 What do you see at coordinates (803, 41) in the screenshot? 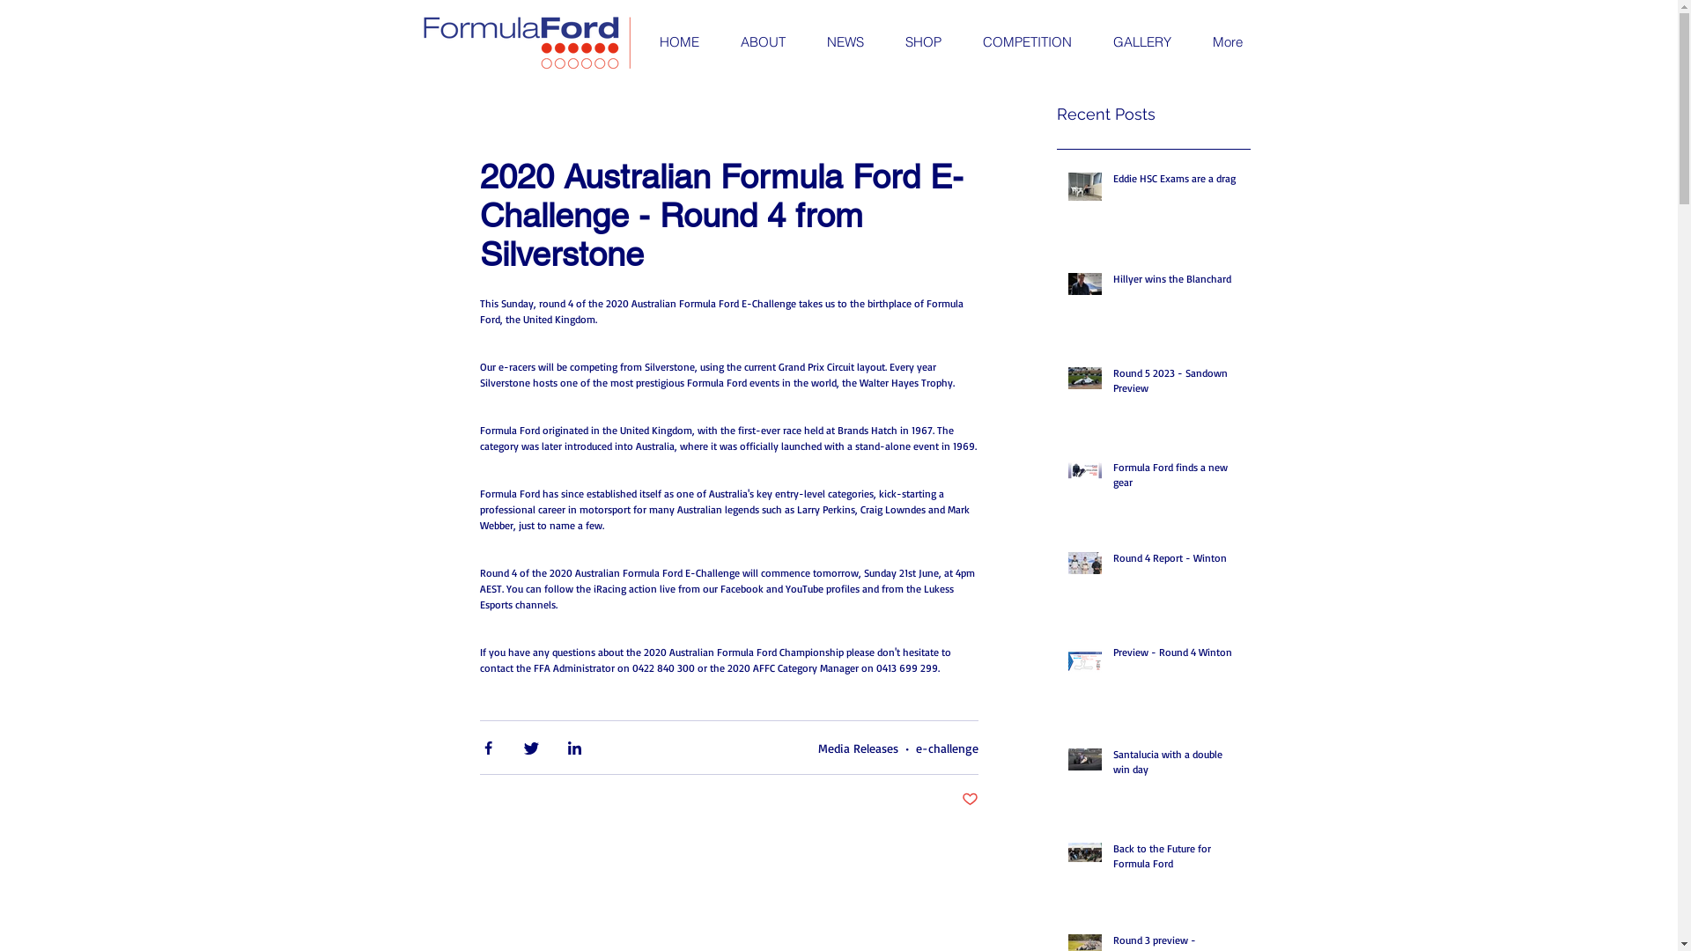
I see `'NEWS'` at bounding box center [803, 41].